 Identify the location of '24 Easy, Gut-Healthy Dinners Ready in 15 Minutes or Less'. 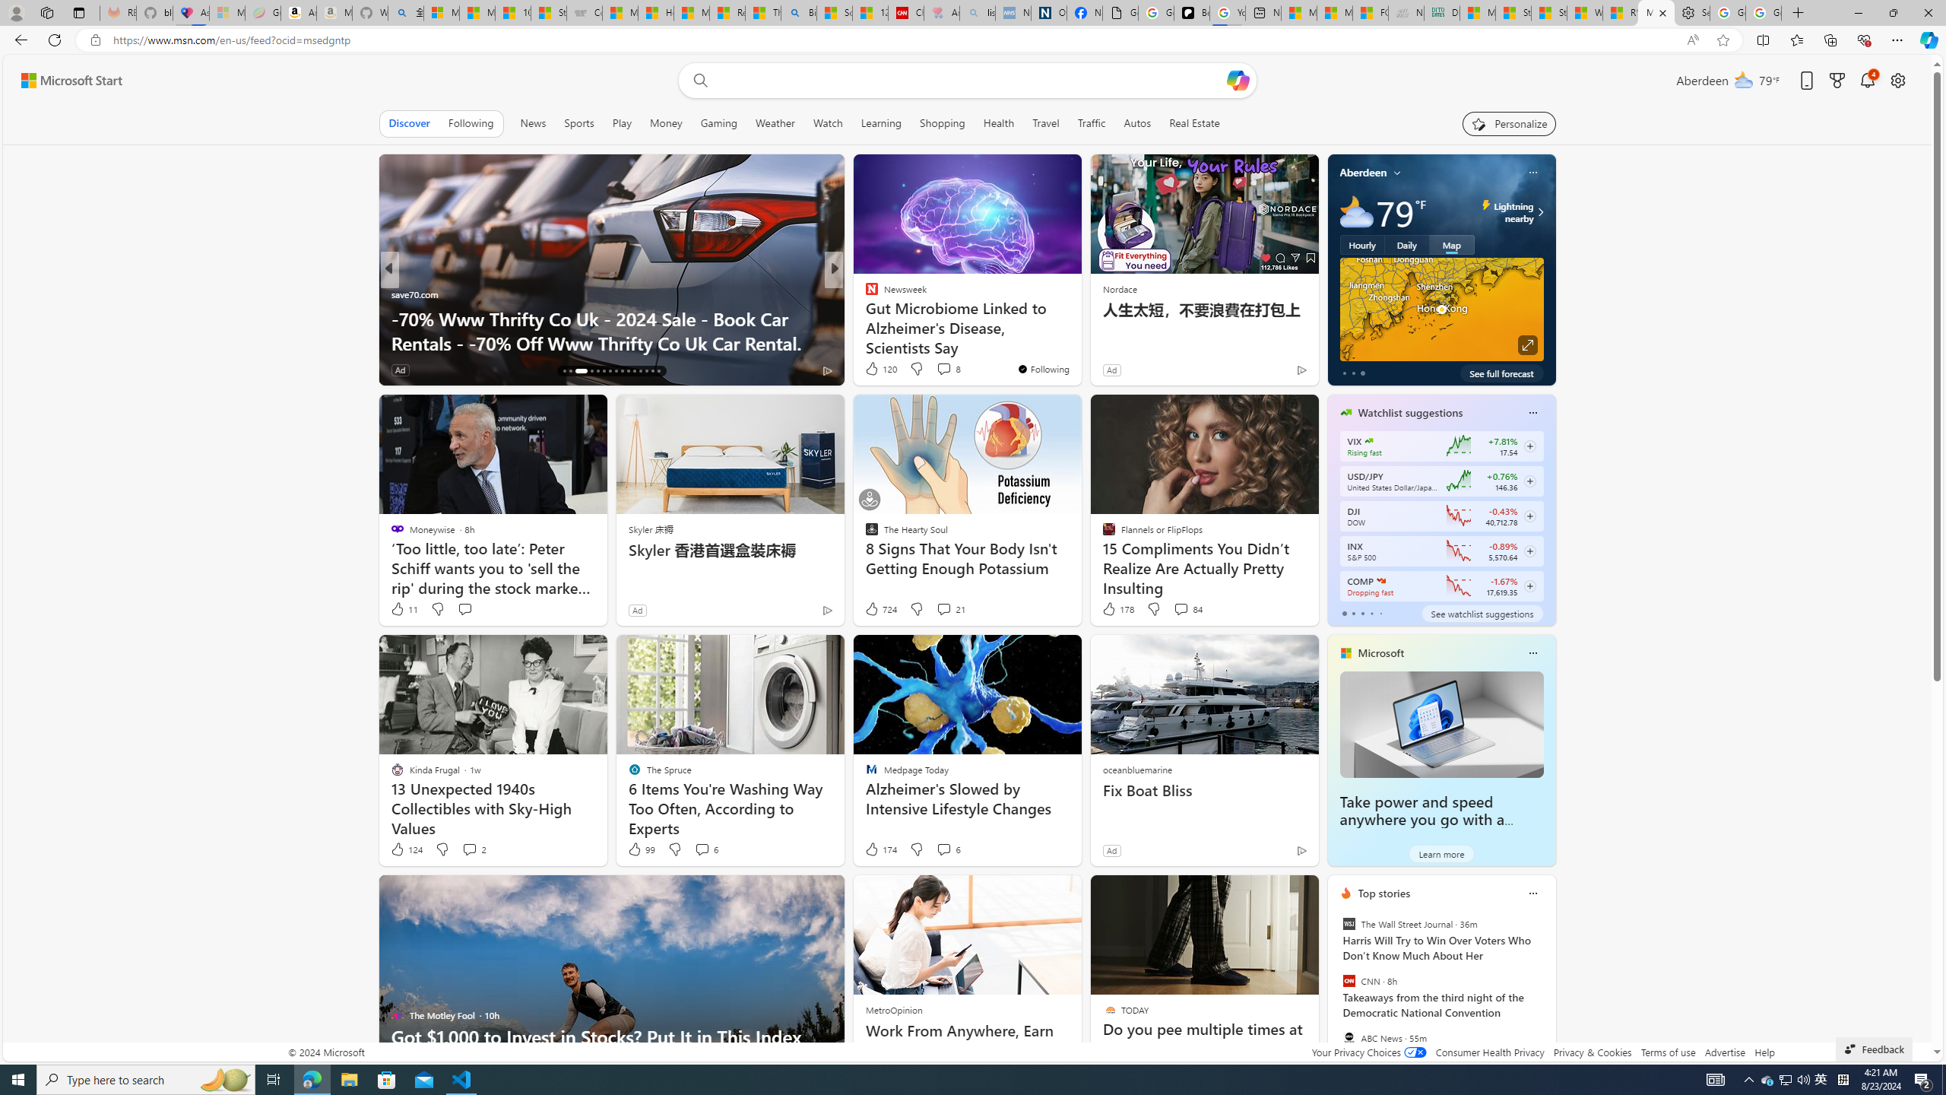
(1078, 329).